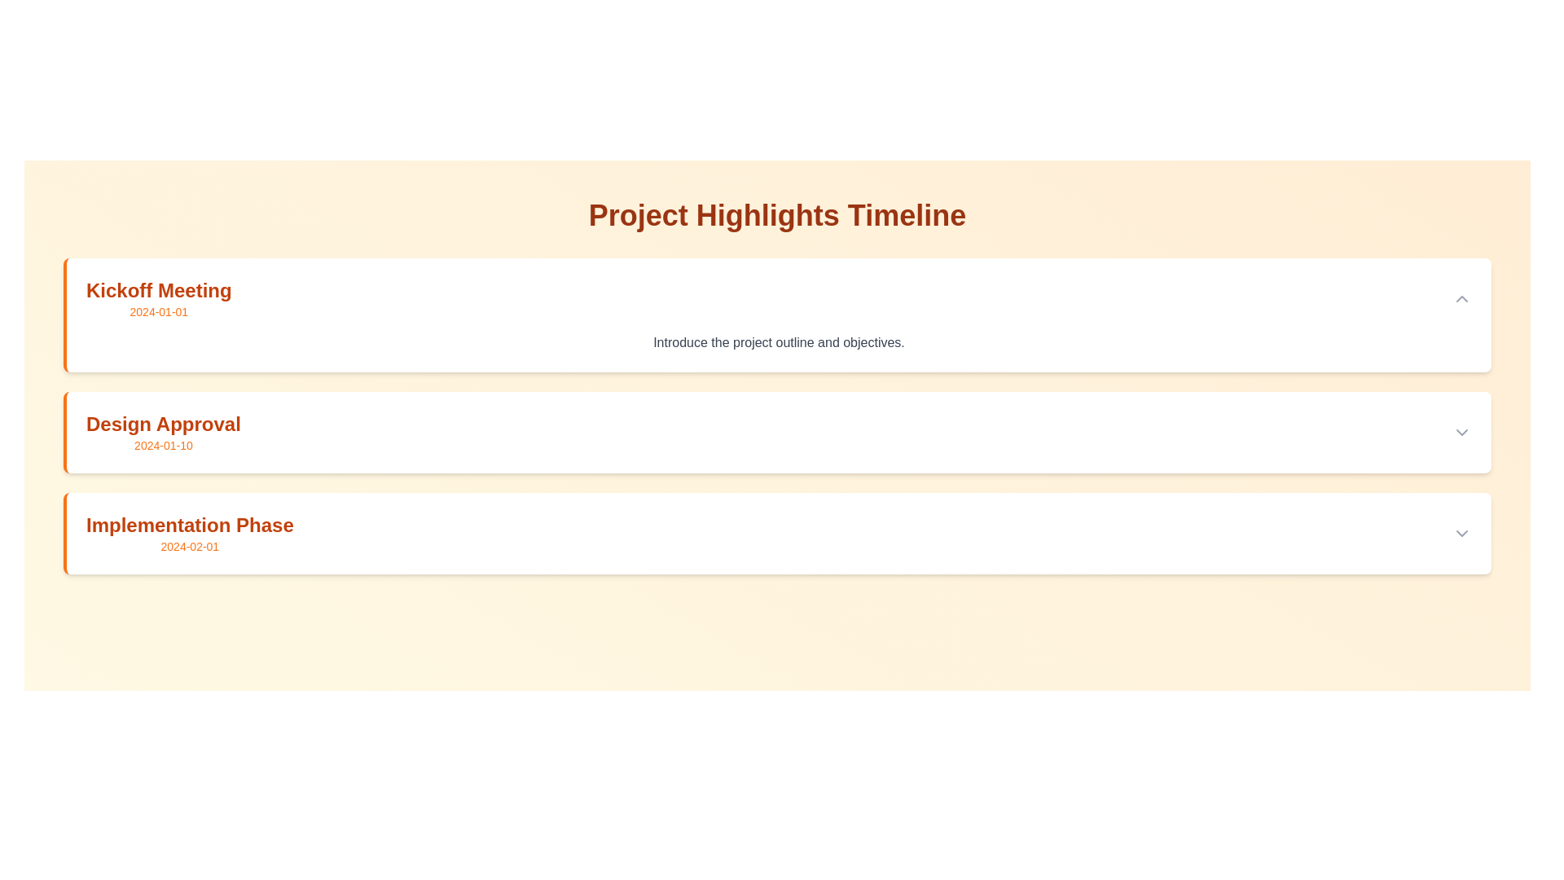 Image resolution: width=1564 pixels, height=880 pixels. What do you see at coordinates (190, 525) in the screenshot?
I see `bold and large text label that says 'Implementation Phase' in dark orange color, located in the third section of the vertical list` at bounding box center [190, 525].